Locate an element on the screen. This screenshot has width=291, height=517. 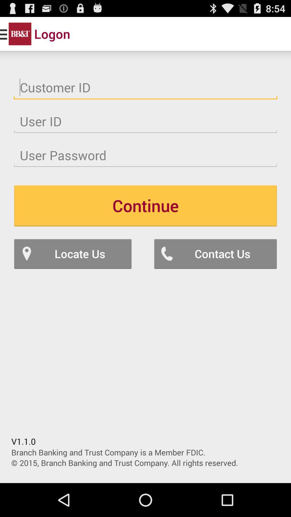
the continue item is located at coordinates (145, 205).